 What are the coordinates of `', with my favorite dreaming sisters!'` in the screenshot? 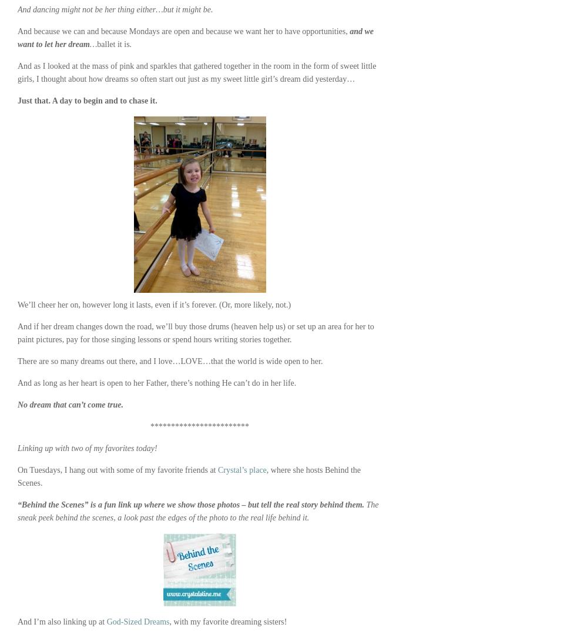 It's located at (227, 622).